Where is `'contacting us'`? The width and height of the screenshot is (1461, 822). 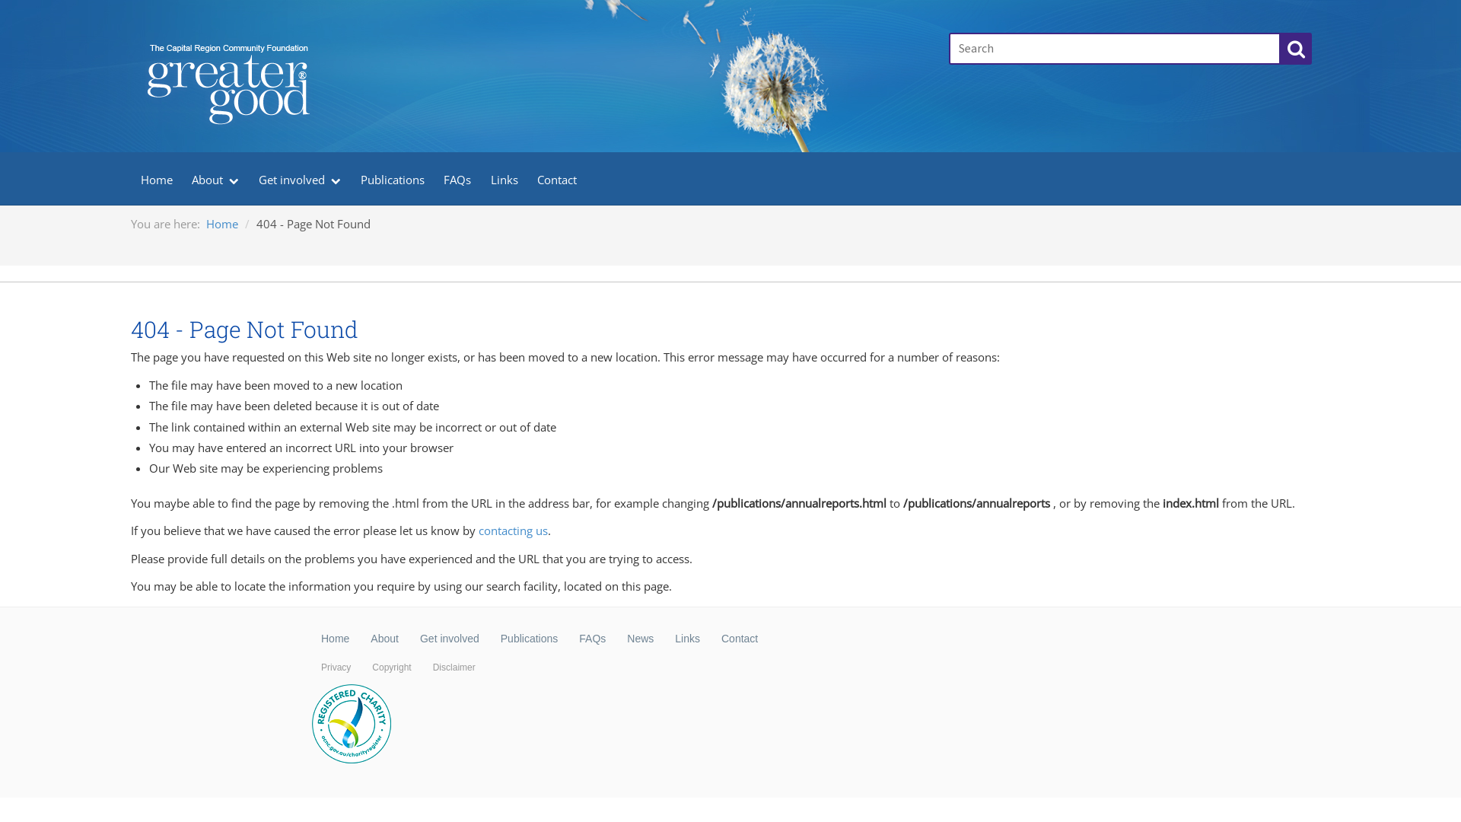 'contacting us' is located at coordinates (513, 530).